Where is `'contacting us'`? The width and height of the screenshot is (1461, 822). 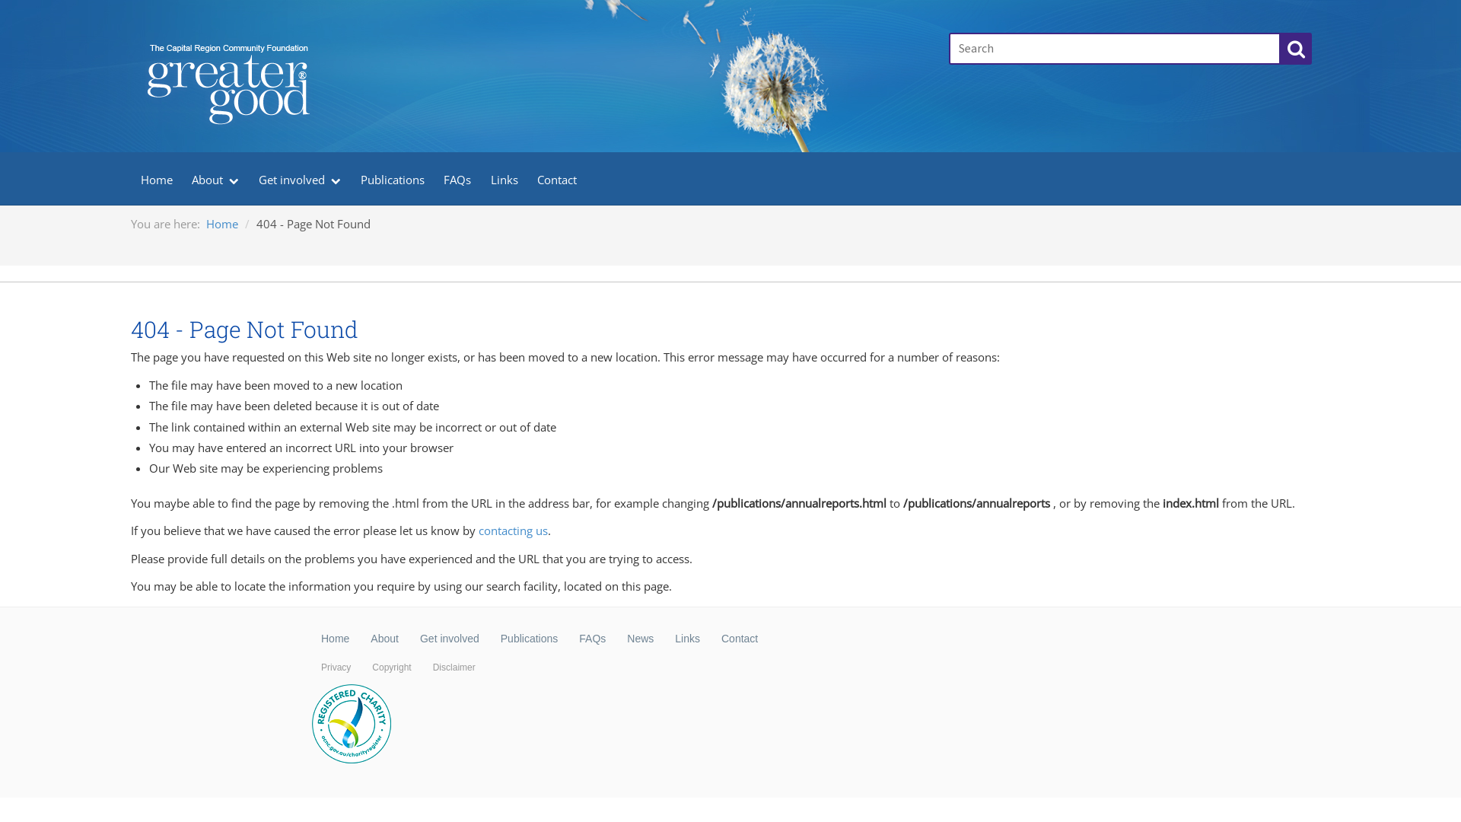 'contacting us' is located at coordinates (513, 530).